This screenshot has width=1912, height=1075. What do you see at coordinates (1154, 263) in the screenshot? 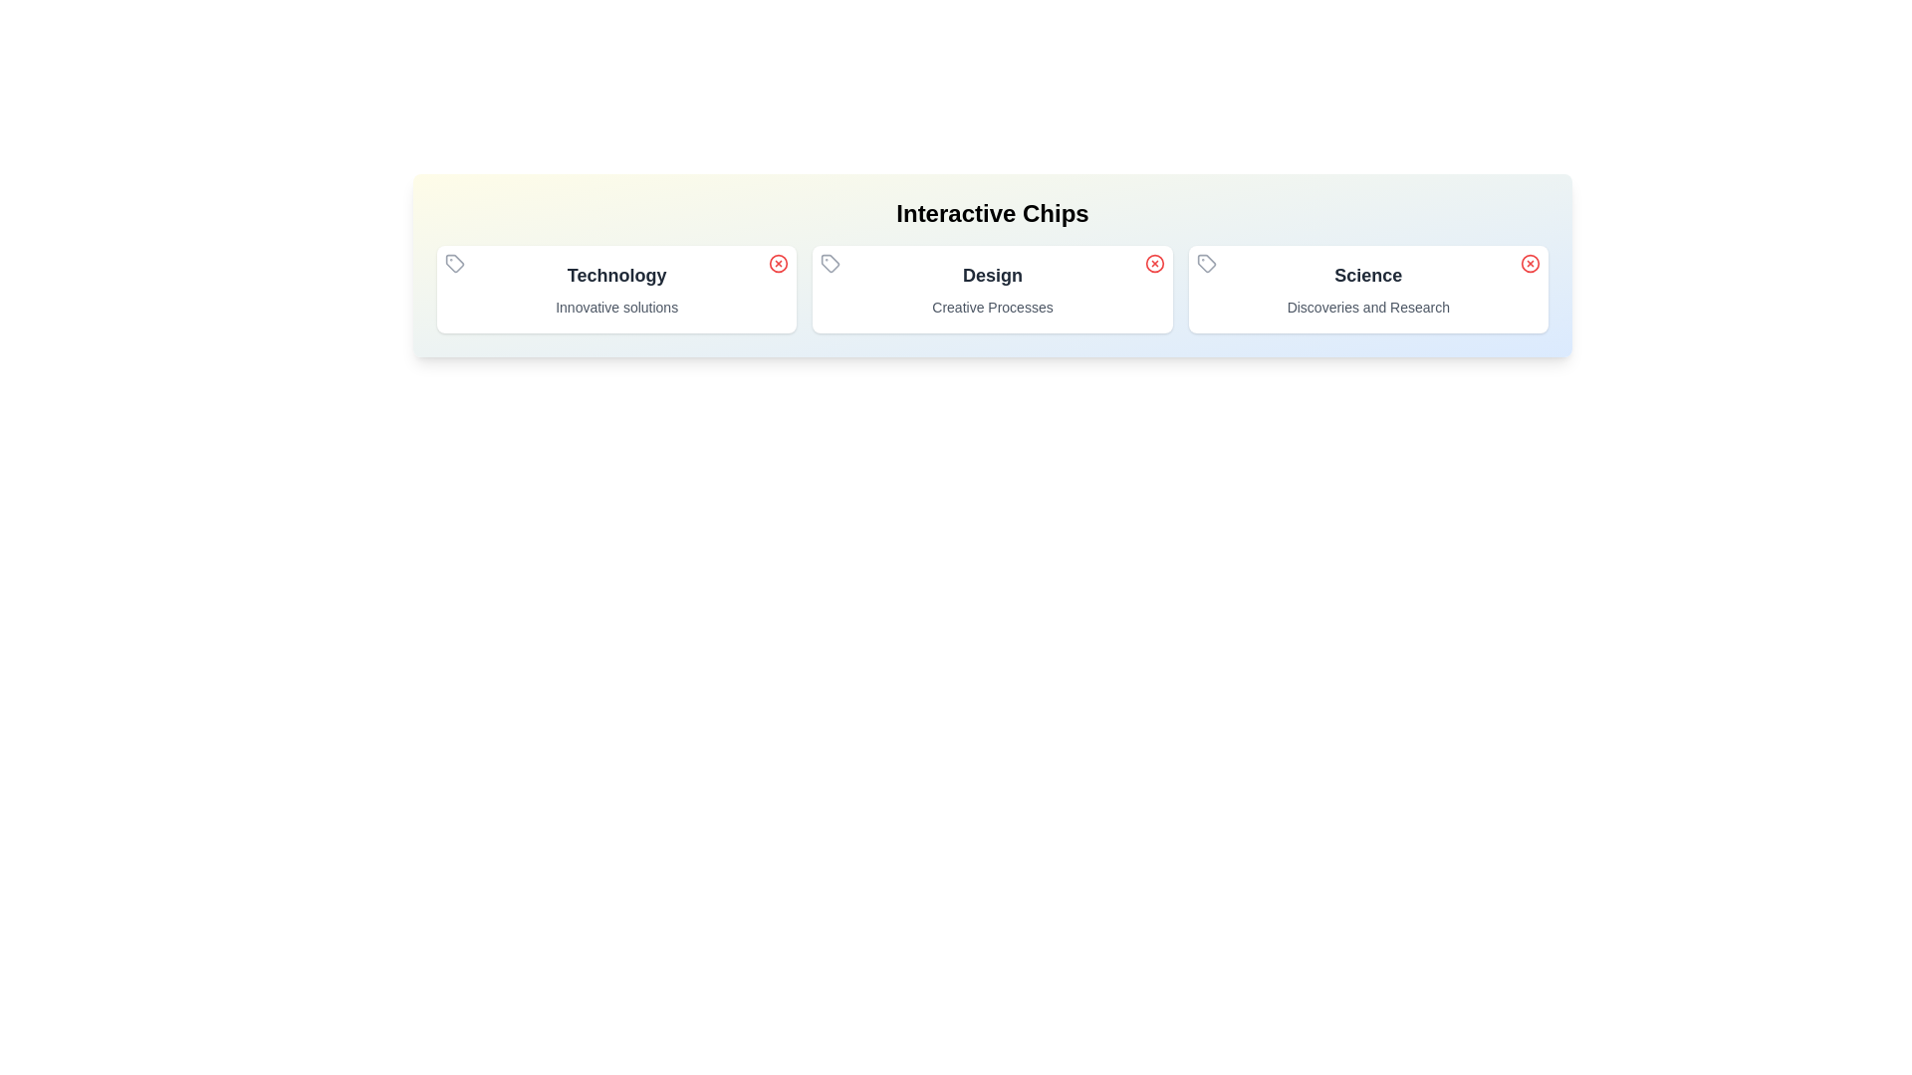
I see `the close button of the chip labeled Design to remove it` at bounding box center [1154, 263].